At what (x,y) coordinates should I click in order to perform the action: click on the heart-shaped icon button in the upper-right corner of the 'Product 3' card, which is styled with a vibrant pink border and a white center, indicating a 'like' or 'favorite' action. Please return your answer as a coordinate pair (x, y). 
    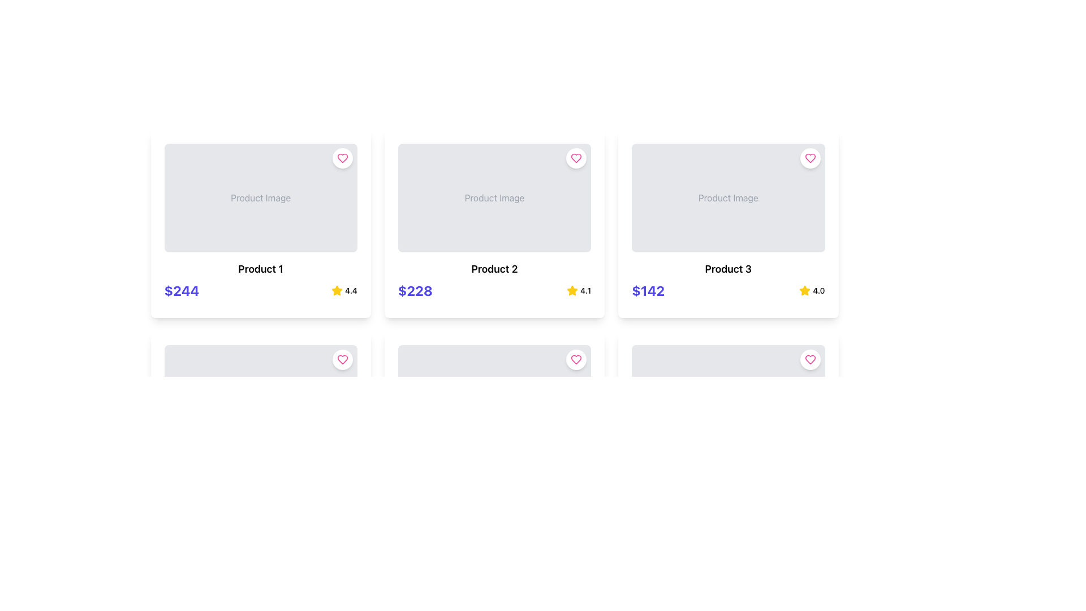
    Looking at the image, I should click on (809, 360).